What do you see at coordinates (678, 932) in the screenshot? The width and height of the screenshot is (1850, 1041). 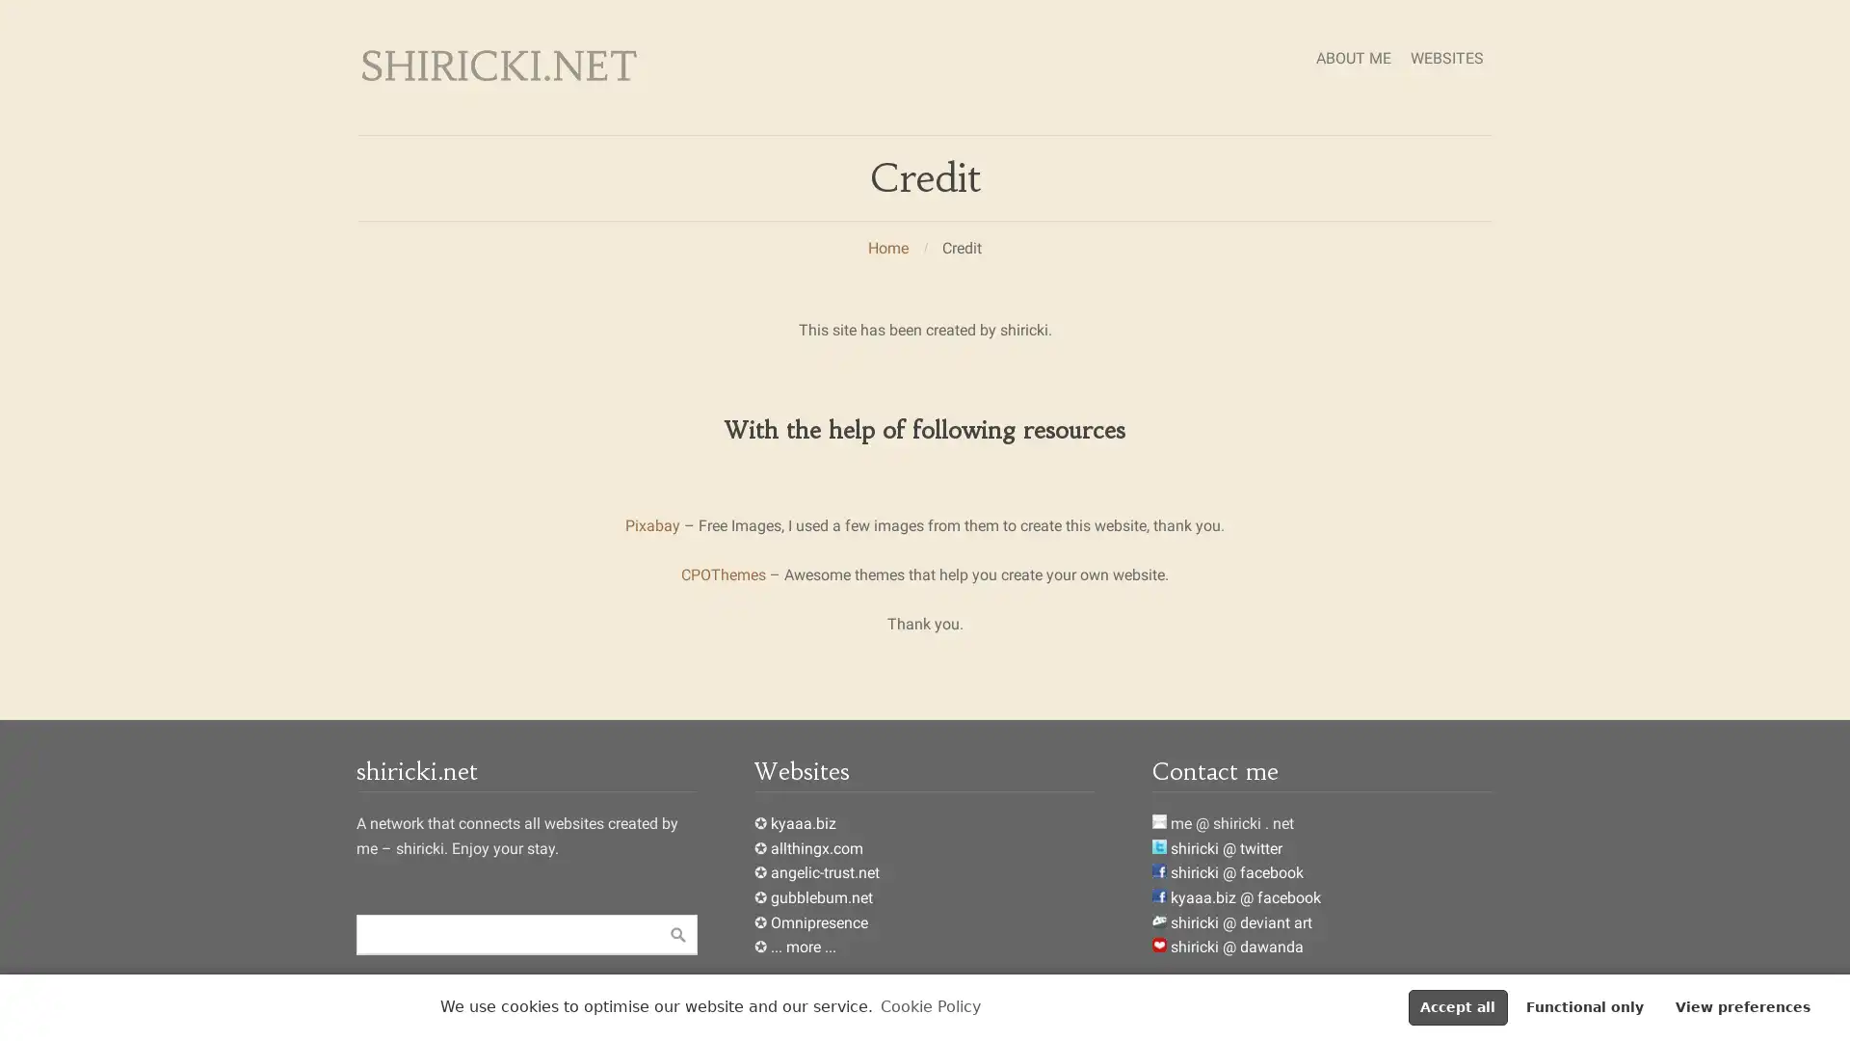 I see `Suche` at bounding box center [678, 932].